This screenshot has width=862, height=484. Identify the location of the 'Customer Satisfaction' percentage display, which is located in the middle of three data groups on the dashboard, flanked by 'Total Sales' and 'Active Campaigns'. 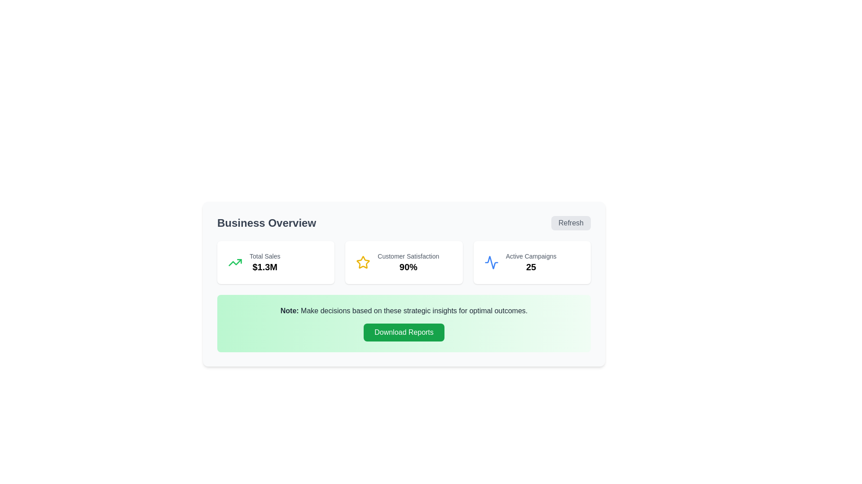
(408, 262).